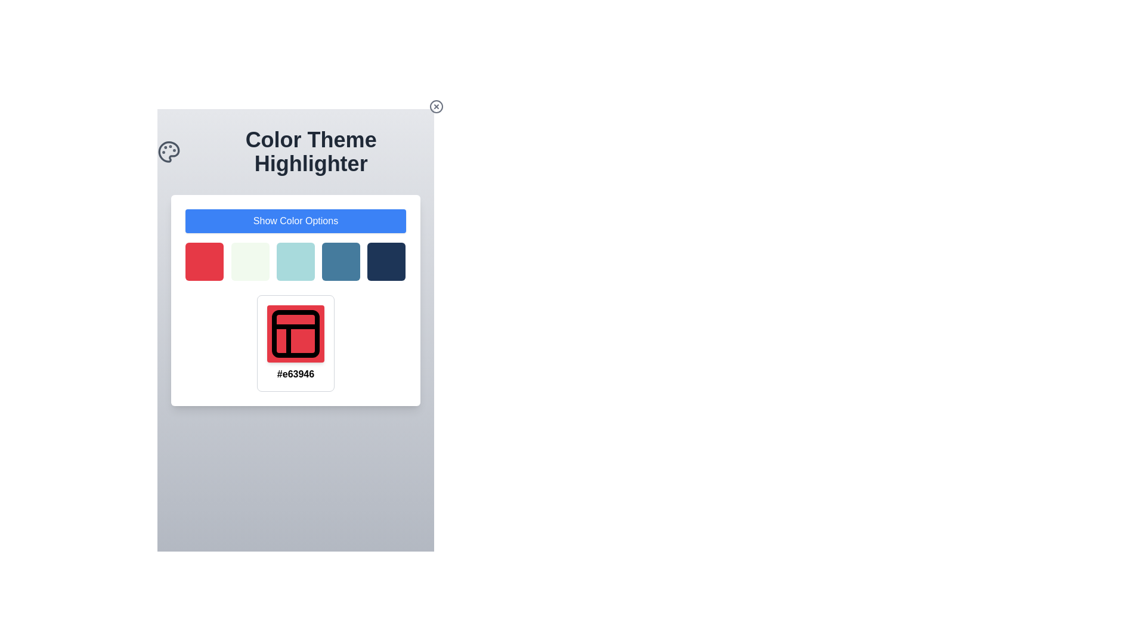 The width and height of the screenshot is (1145, 644). Describe the element at coordinates (168, 151) in the screenshot. I see `the Decorative Icon, which is the main shape within the palette icon located in the top left corner of the interface's header section` at that location.